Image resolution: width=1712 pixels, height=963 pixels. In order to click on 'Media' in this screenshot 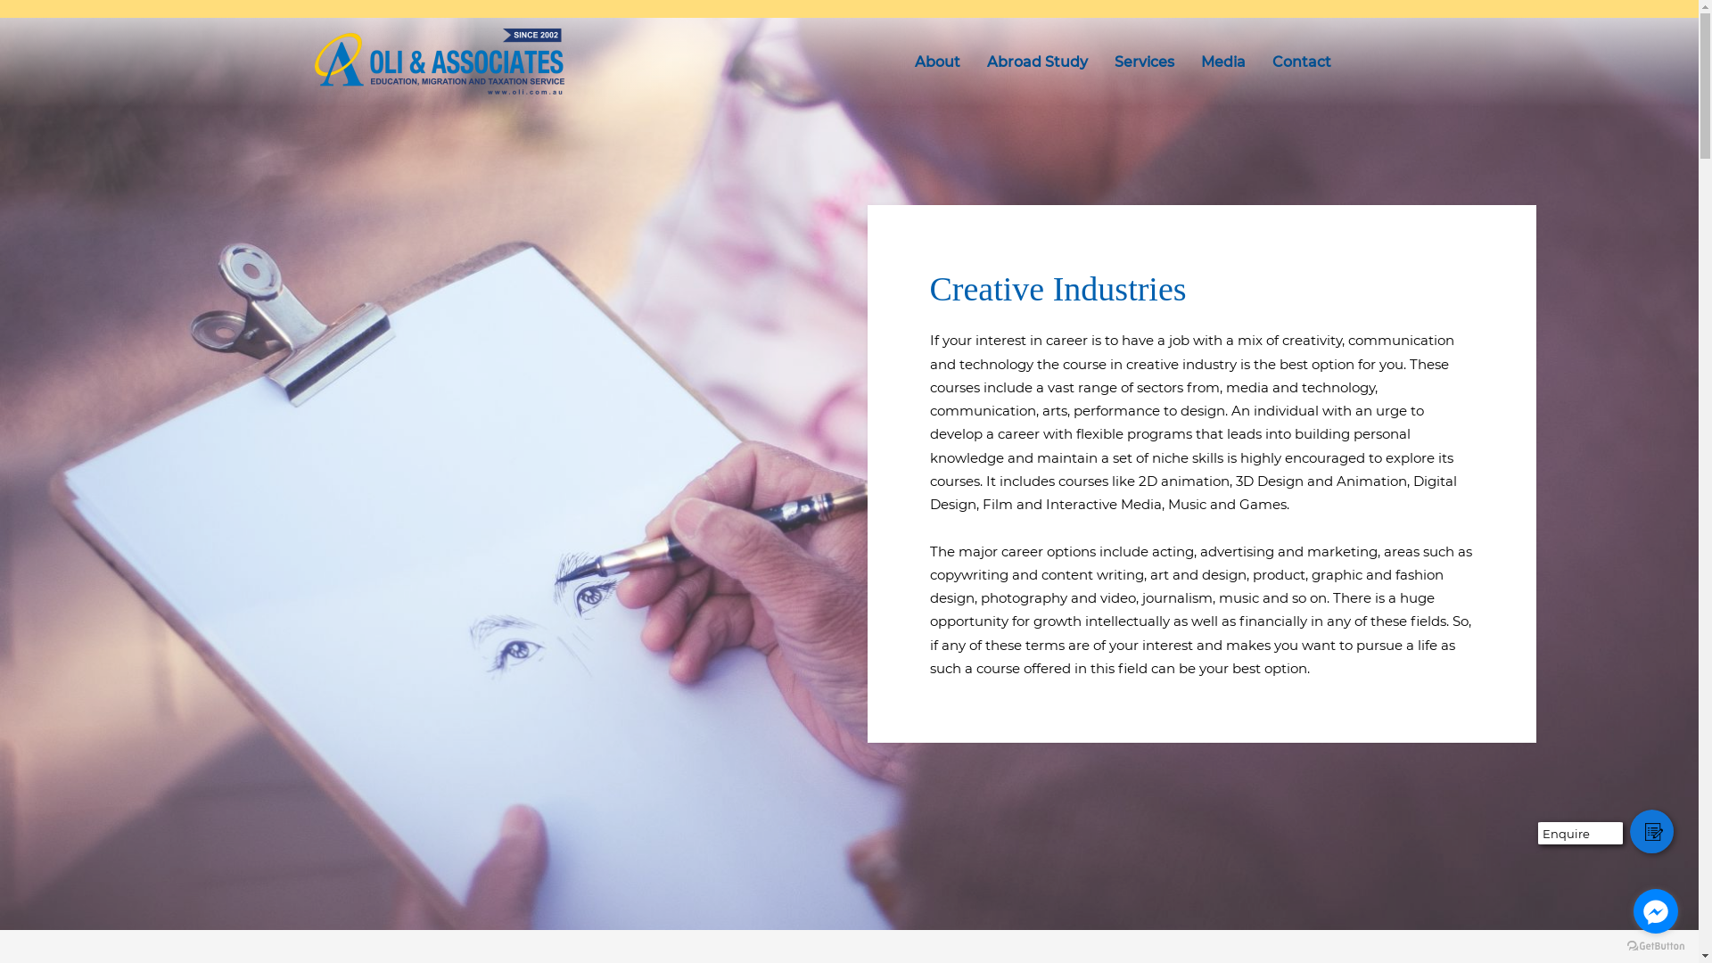, I will do `click(1222, 61)`.